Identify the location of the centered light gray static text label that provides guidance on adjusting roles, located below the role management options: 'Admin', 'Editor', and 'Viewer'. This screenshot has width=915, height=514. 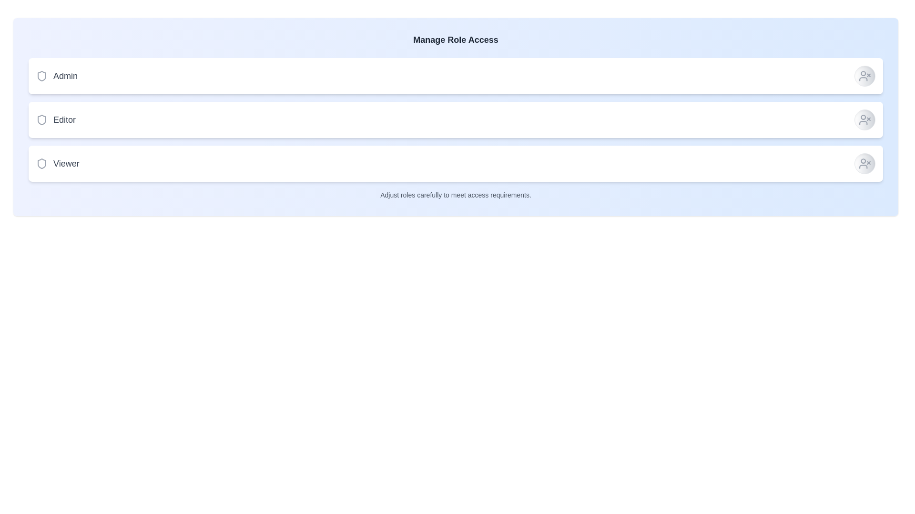
(455, 194).